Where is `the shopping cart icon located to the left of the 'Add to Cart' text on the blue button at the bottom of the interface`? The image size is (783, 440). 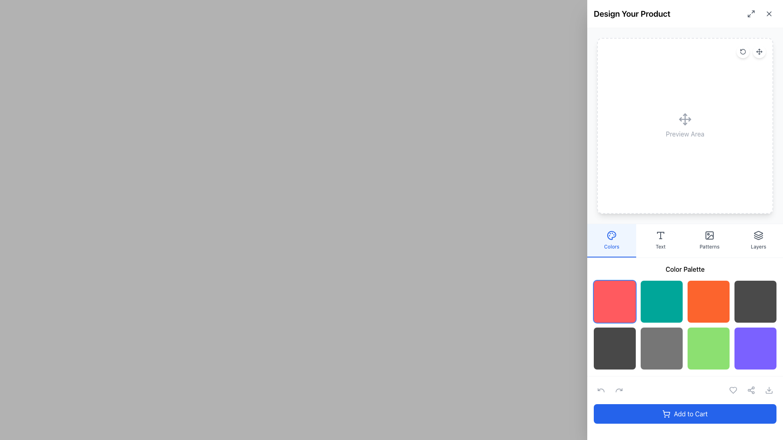 the shopping cart icon located to the left of the 'Add to Cart' text on the blue button at the bottom of the interface is located at coordinates (666, 414).